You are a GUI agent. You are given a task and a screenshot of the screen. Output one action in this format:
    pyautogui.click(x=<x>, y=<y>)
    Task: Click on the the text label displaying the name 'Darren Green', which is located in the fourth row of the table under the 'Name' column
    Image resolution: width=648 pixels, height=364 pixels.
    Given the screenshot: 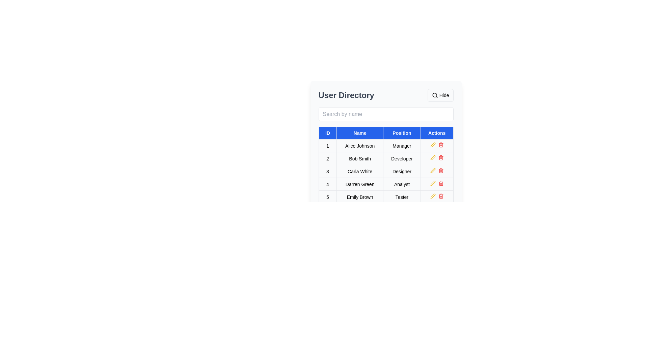 What is the action you would take?
    pyautogui.click(x=359, y=184)
    